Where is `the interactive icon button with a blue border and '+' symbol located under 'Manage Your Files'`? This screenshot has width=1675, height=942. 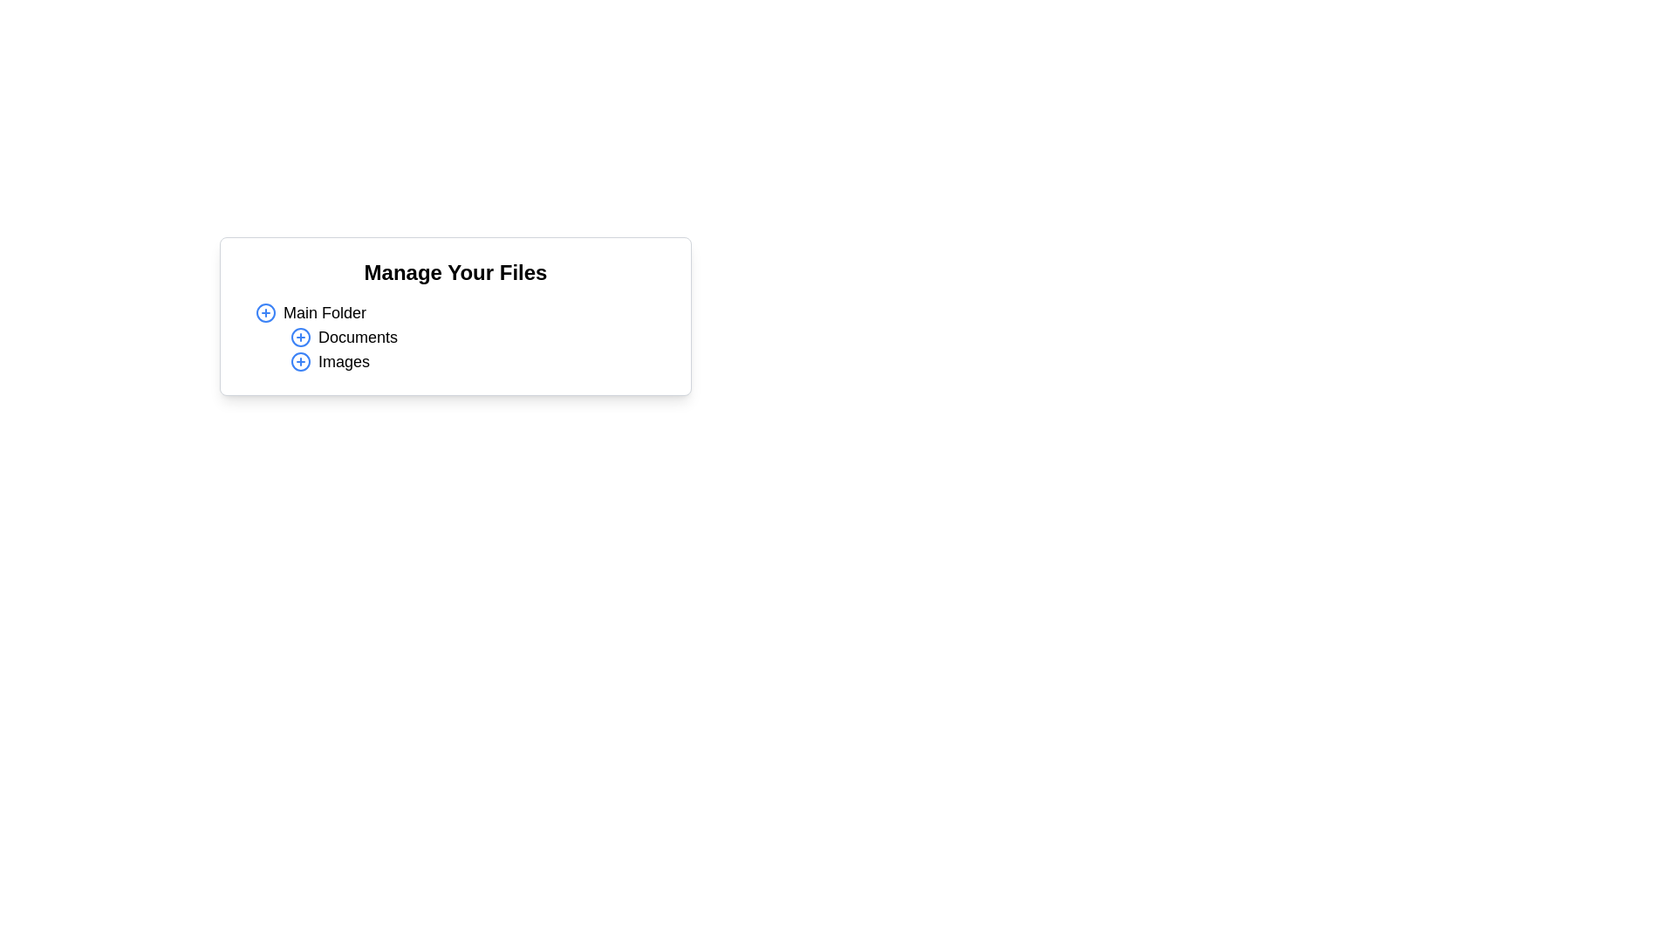
the interactive icon button with a blue border and '+' symbol located under 'Manage Your Files' is located at coordinates (301, 337).